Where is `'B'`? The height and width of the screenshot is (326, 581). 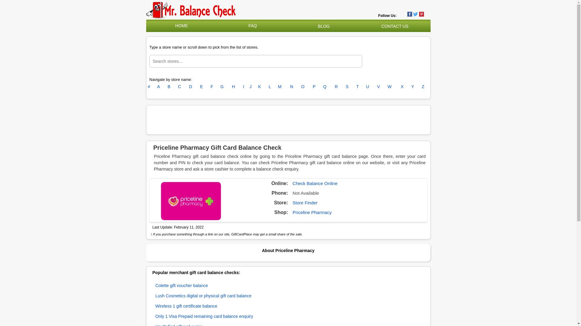
'B' is located at coordinates (167, 86).